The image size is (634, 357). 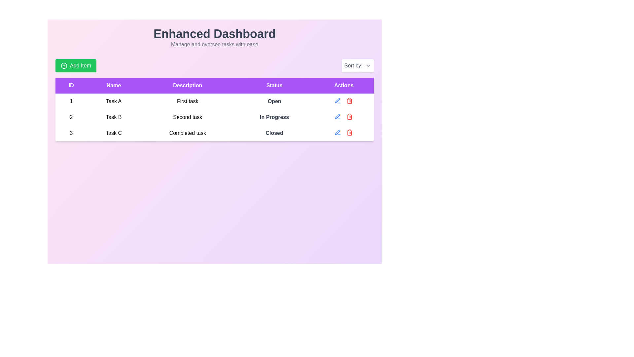 I want to click on the 'Completed task' text label in the Description column for Task C, which indicates its status, so click(x=187, y=133).